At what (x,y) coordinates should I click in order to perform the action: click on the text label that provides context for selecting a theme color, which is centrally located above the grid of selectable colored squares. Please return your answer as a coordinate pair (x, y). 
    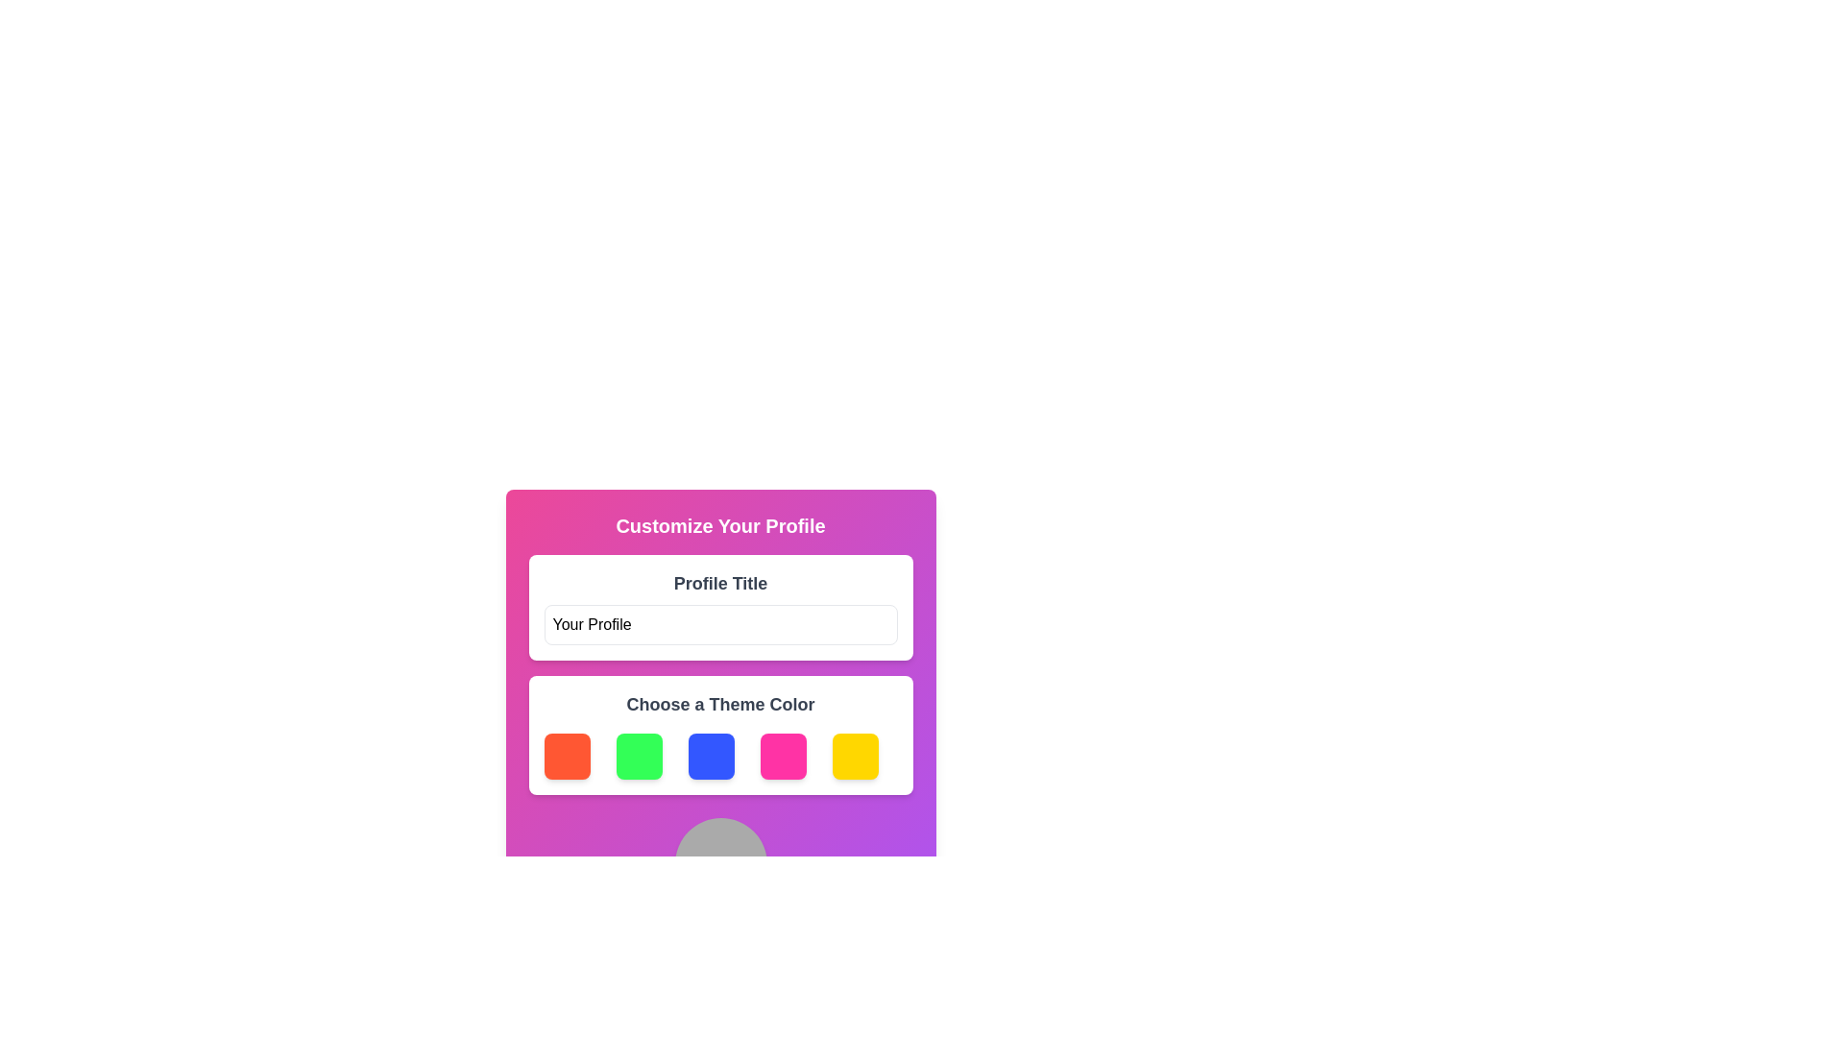
    Looking at the image, I should click on (719, 704).